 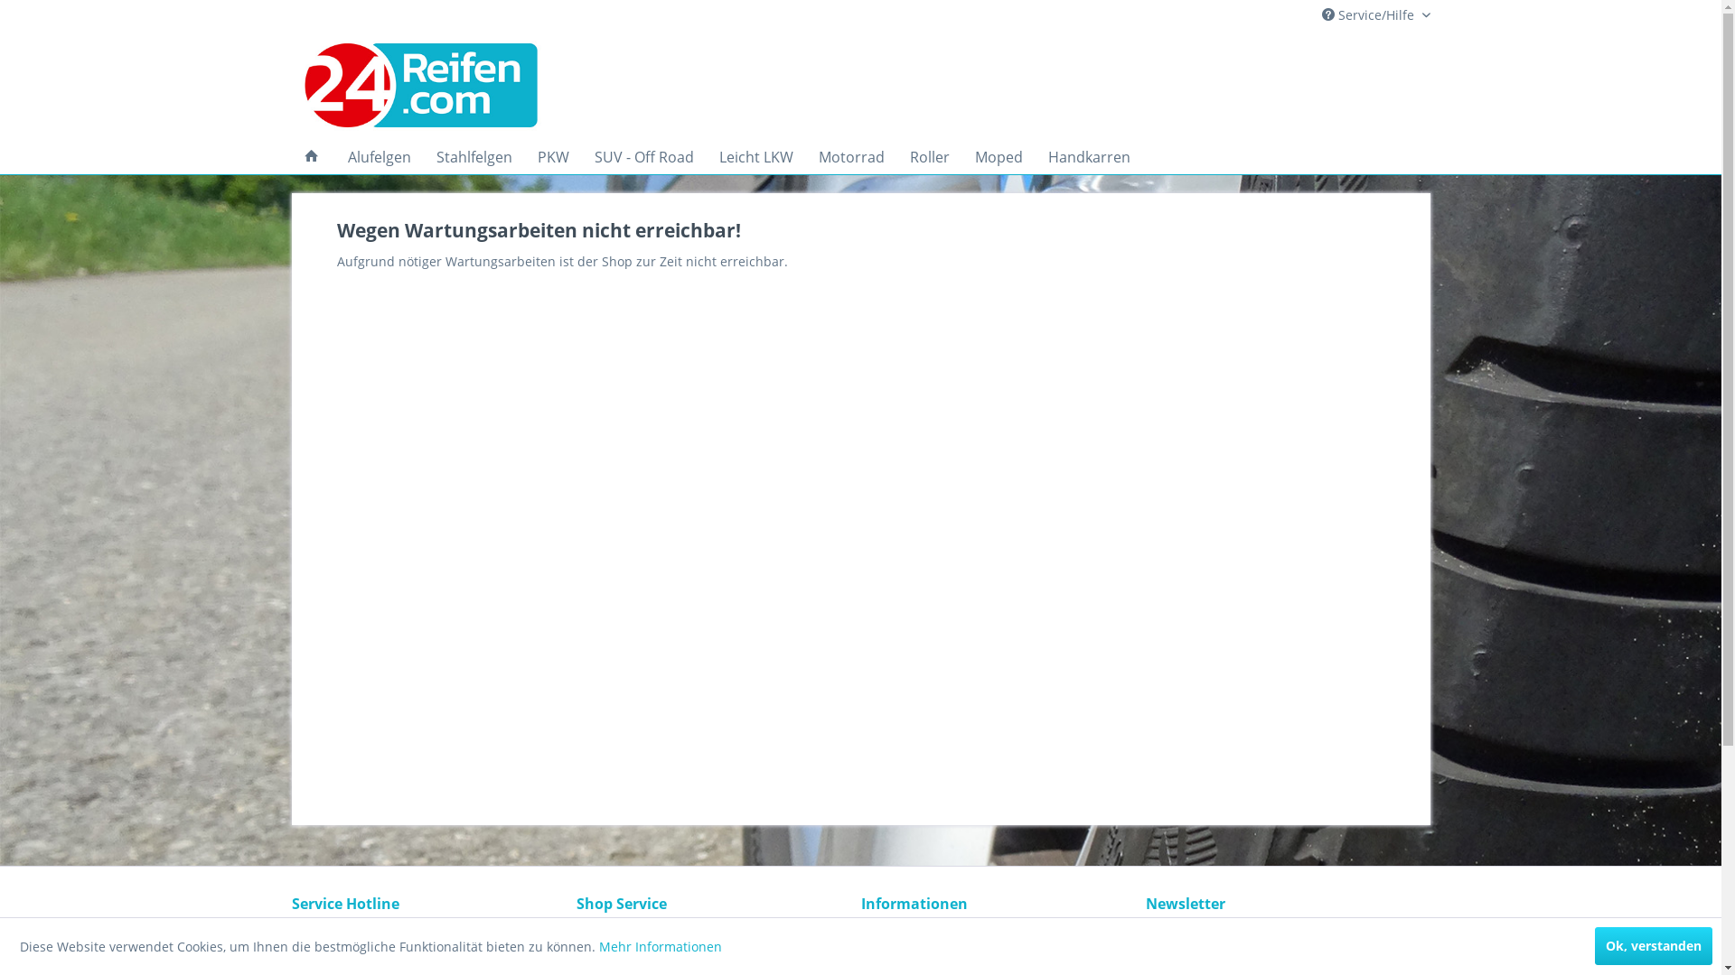 I want to click on 'Stahlfelgen', so click(x=473, y=155).